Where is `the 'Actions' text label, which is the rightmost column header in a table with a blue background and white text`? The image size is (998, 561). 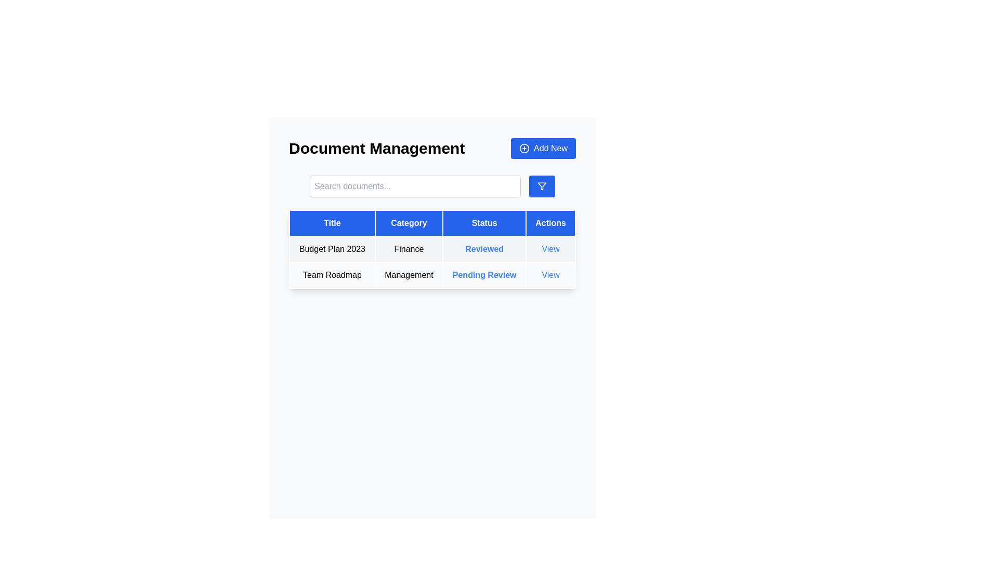
the 'Actions' text label, which is the rightmost column header in a table with a blue background and white text is located at coordinates (550, 222).